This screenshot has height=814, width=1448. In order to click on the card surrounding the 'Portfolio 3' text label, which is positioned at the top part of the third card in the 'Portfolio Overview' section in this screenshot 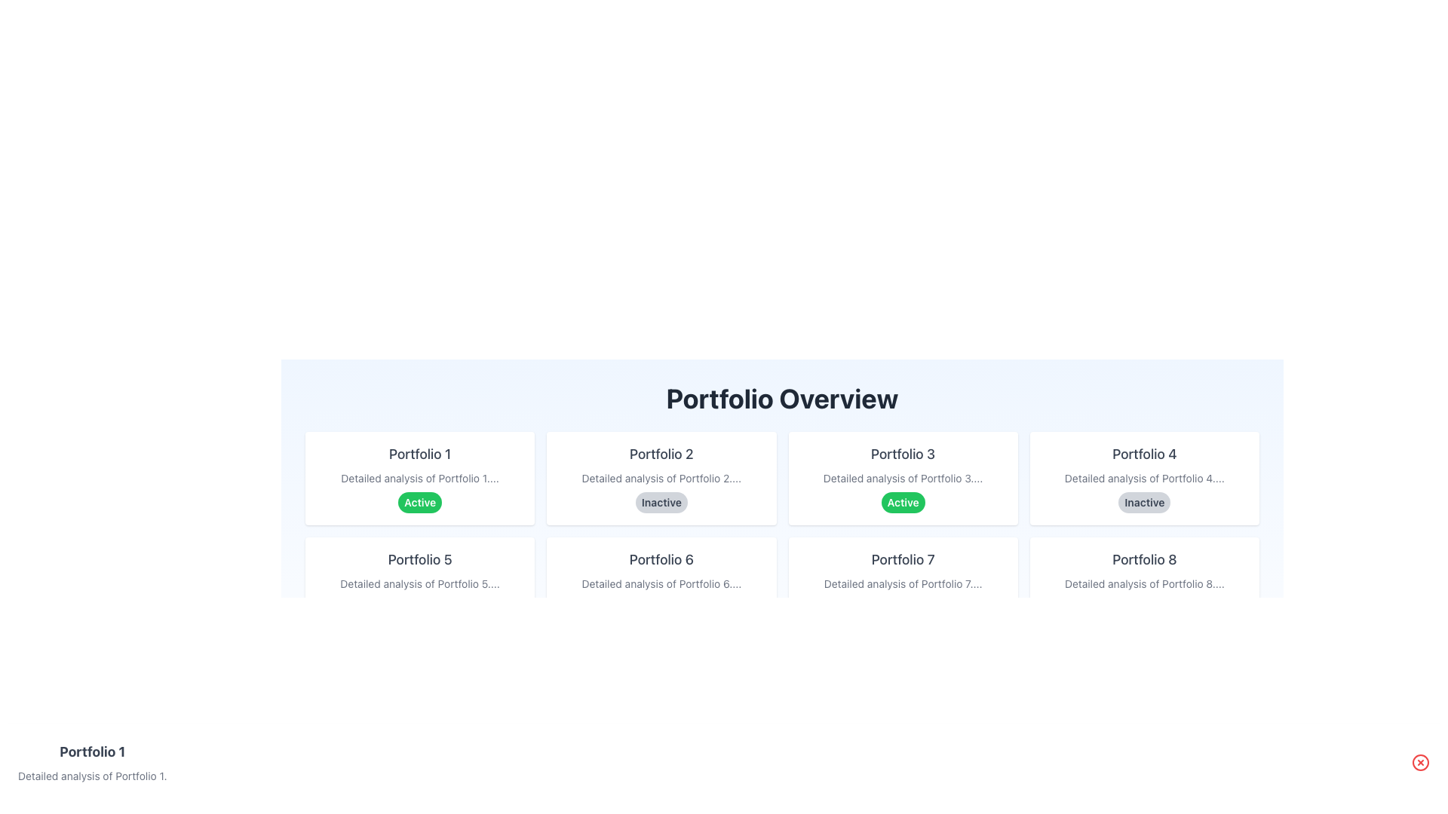, I will do `click(903, 453)`.